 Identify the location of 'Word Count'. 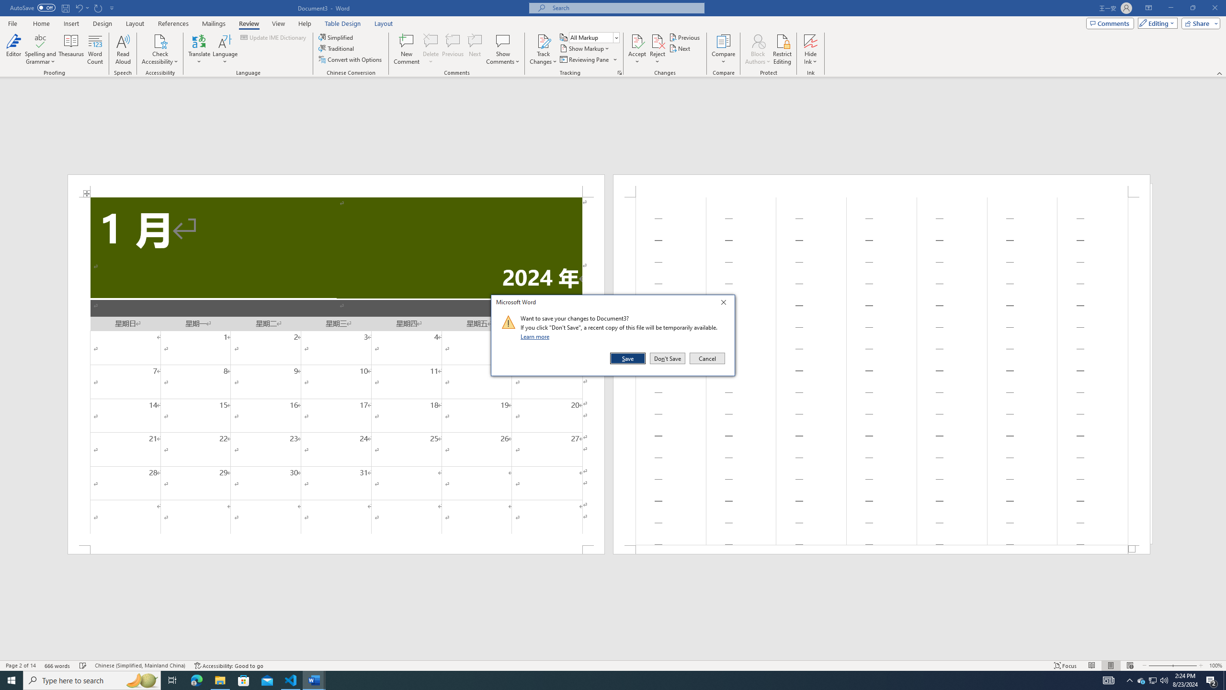
(95, 49).